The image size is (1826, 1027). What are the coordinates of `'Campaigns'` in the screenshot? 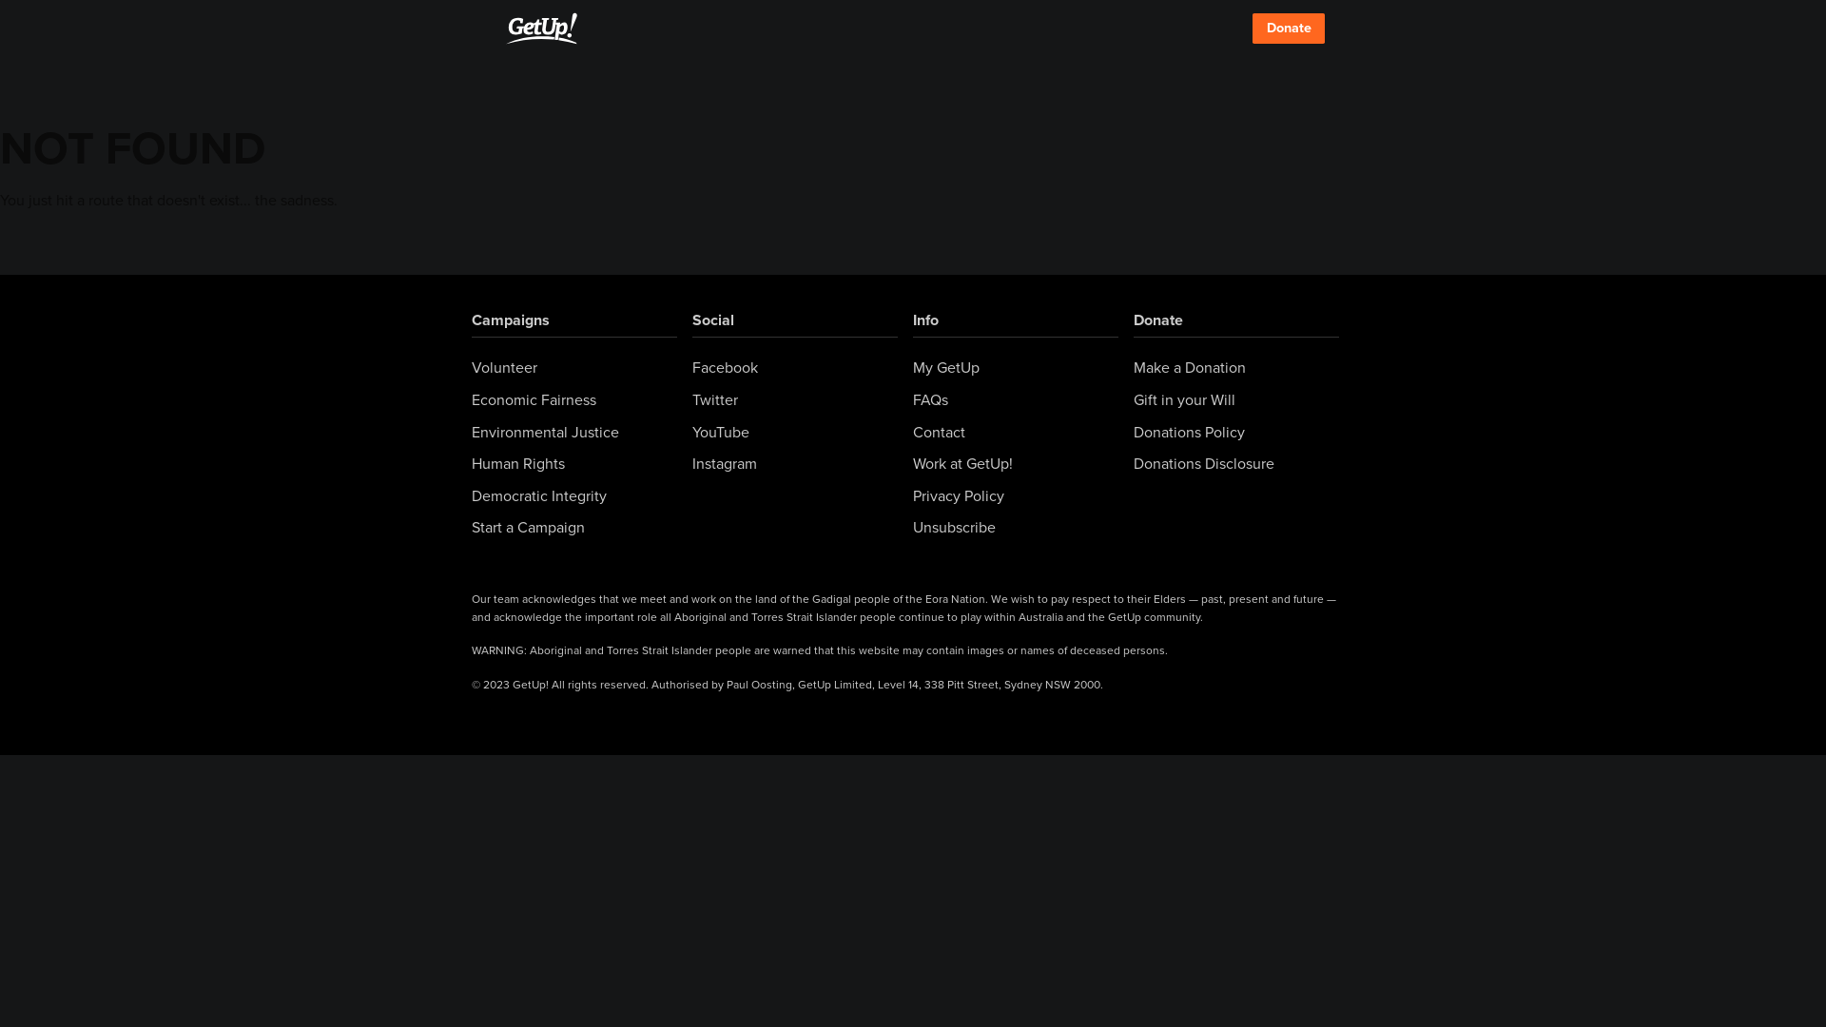 It's located at (511, 319).